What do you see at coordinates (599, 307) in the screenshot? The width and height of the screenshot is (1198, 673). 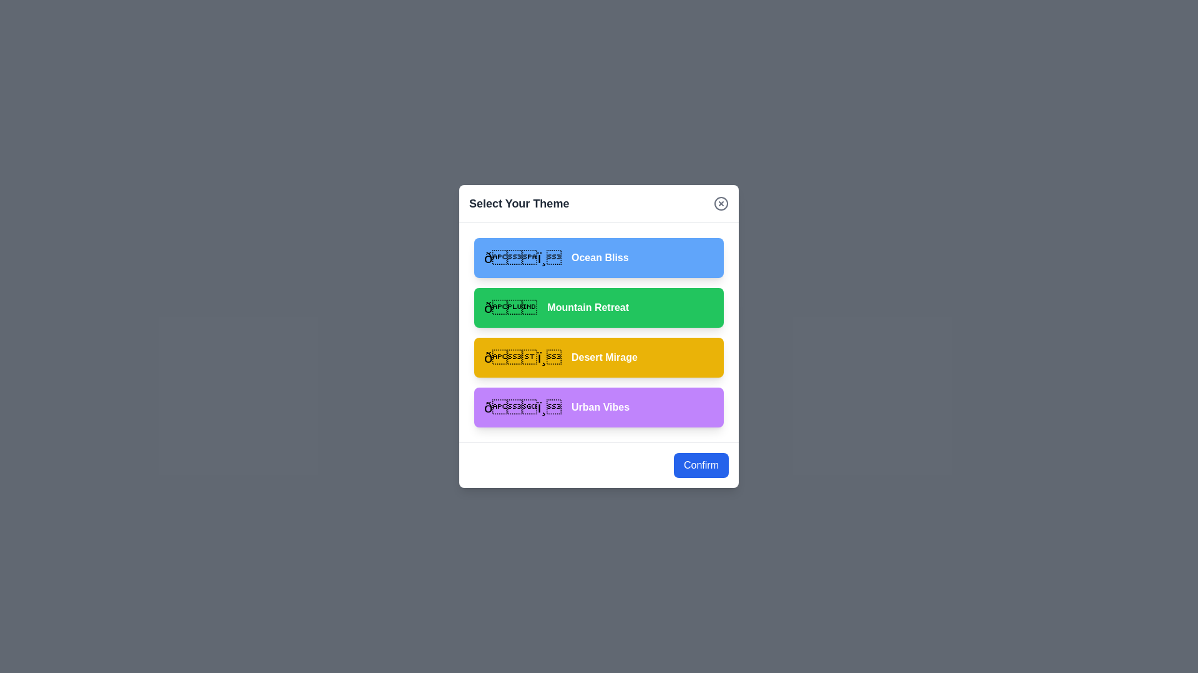 I see `the theme Mountain Retreat from the list` at bounding box center [599, 307].